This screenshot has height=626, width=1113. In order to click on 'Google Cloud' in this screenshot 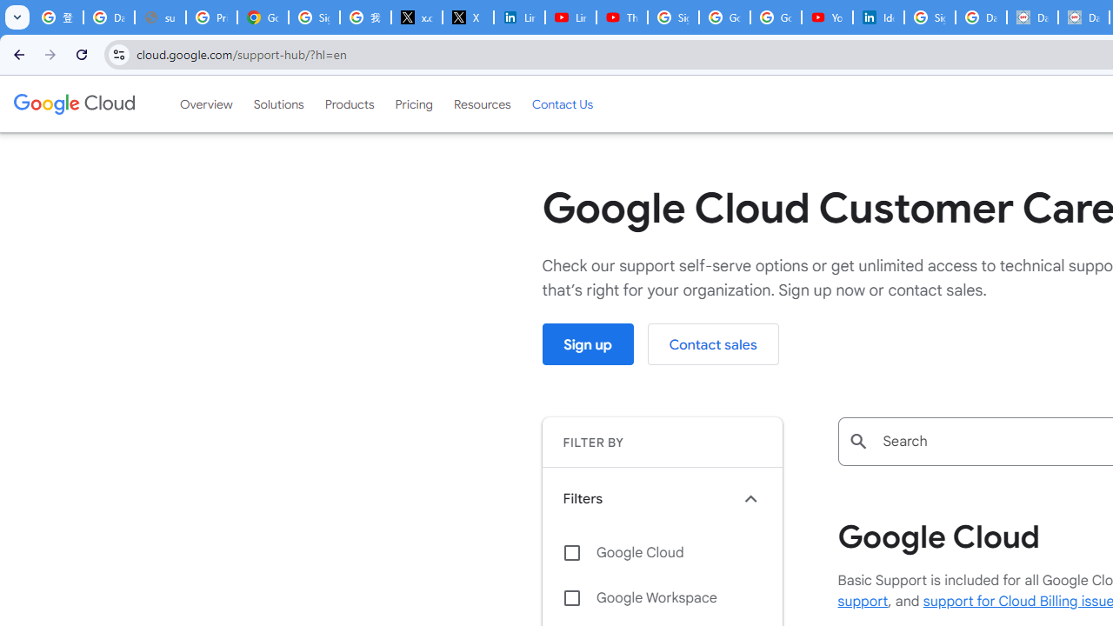, I will do `click(661, 552)`.